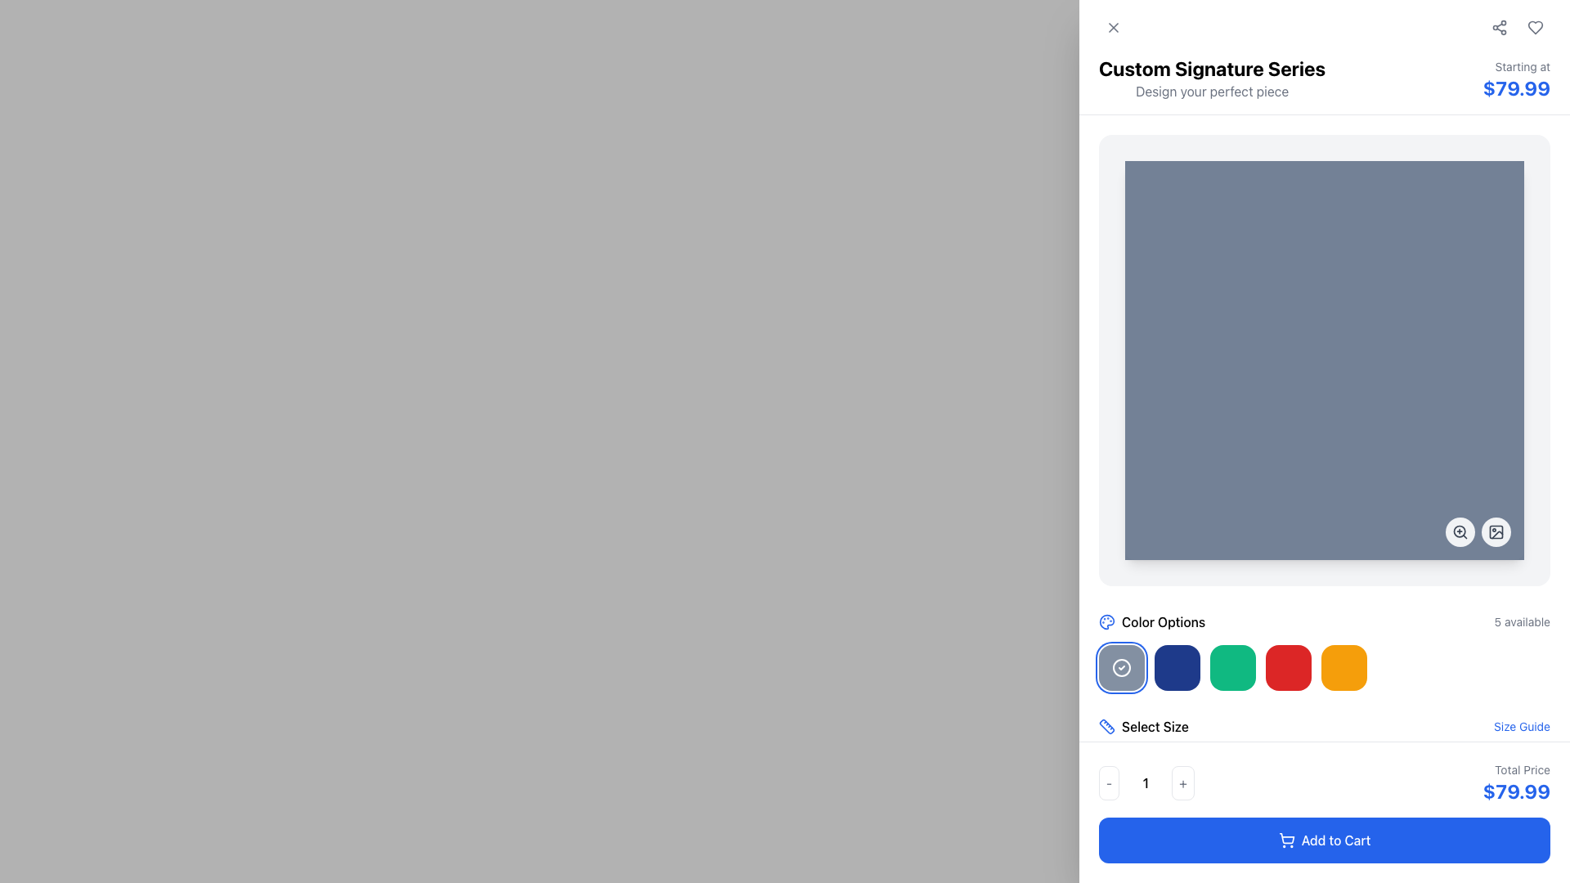 The width and height of the screenshot is (1570, 883). I want to click on the vibrant ruby red square button with rounded corners in the color selection interface, so click(1287, 668).